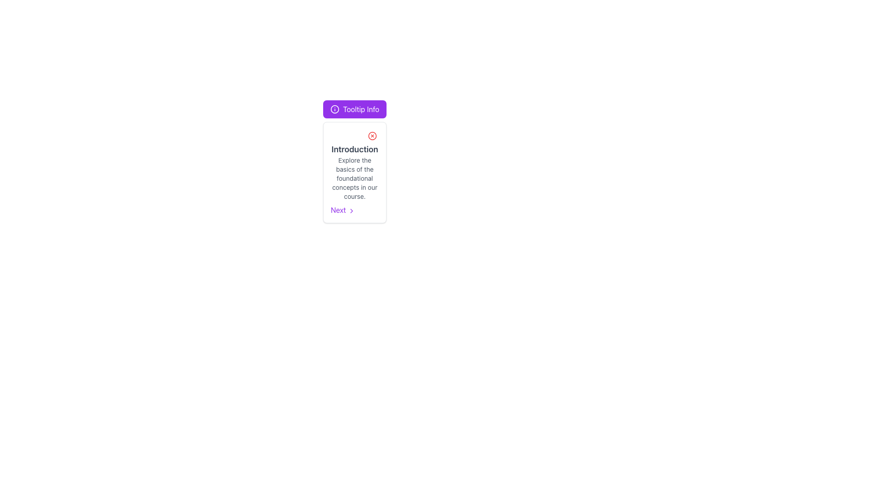 This screenshot has height=488, width=869. I want to click on content displayed in the text element located in the middle-right part of the interface, directly below the 'Introduction' header within its card, so click(354, 178).